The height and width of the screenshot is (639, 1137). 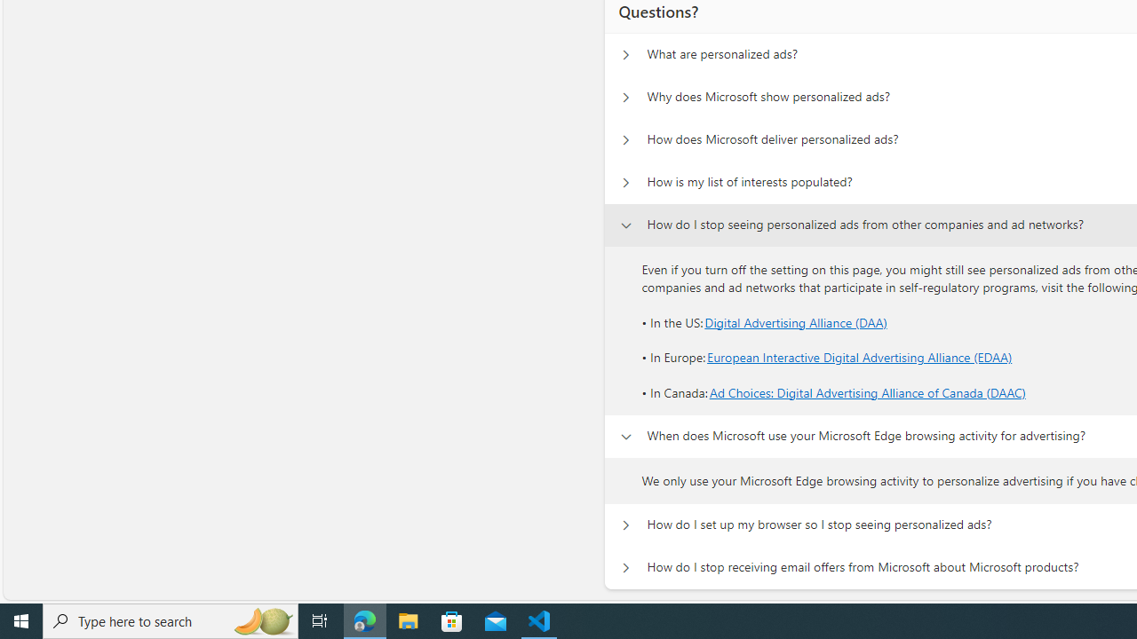 I want to click on 'European Interactive Digital Advertising Alliance (EDAA)', so click(x=860, y=358).